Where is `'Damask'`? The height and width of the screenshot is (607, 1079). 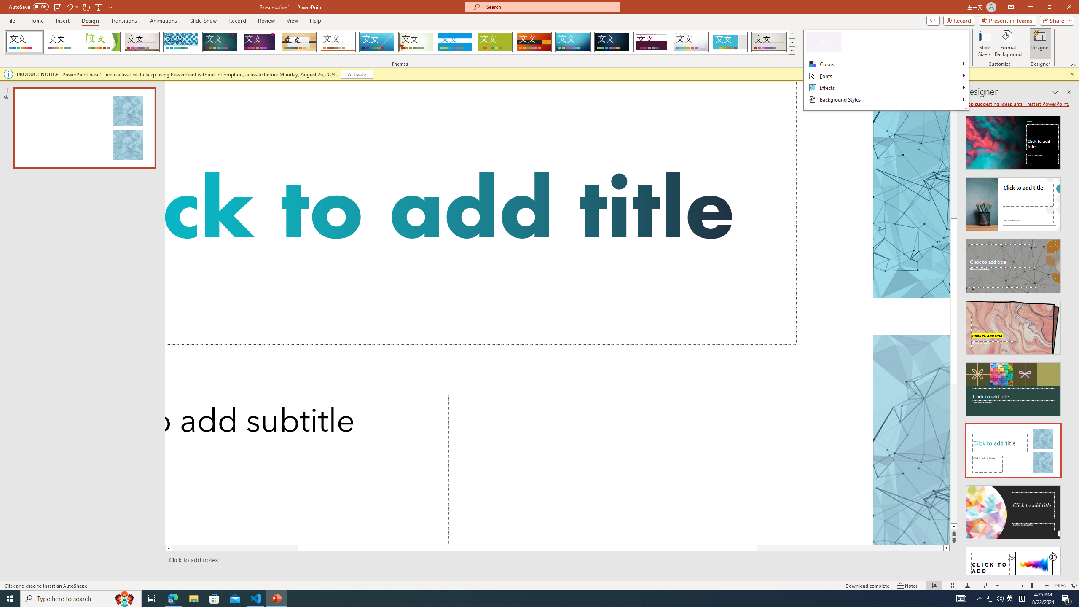 'Damask' is located at coordinates (612, 42).